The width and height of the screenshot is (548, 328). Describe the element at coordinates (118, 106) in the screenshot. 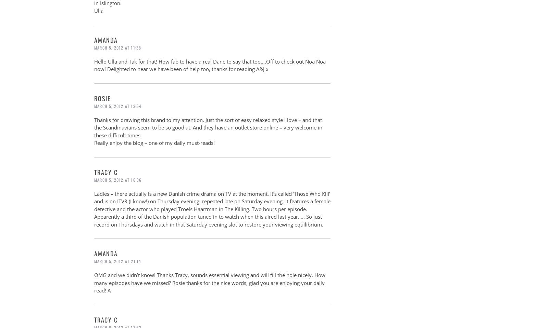

I see `'March 5, 2012 at 13:54'` at that location.